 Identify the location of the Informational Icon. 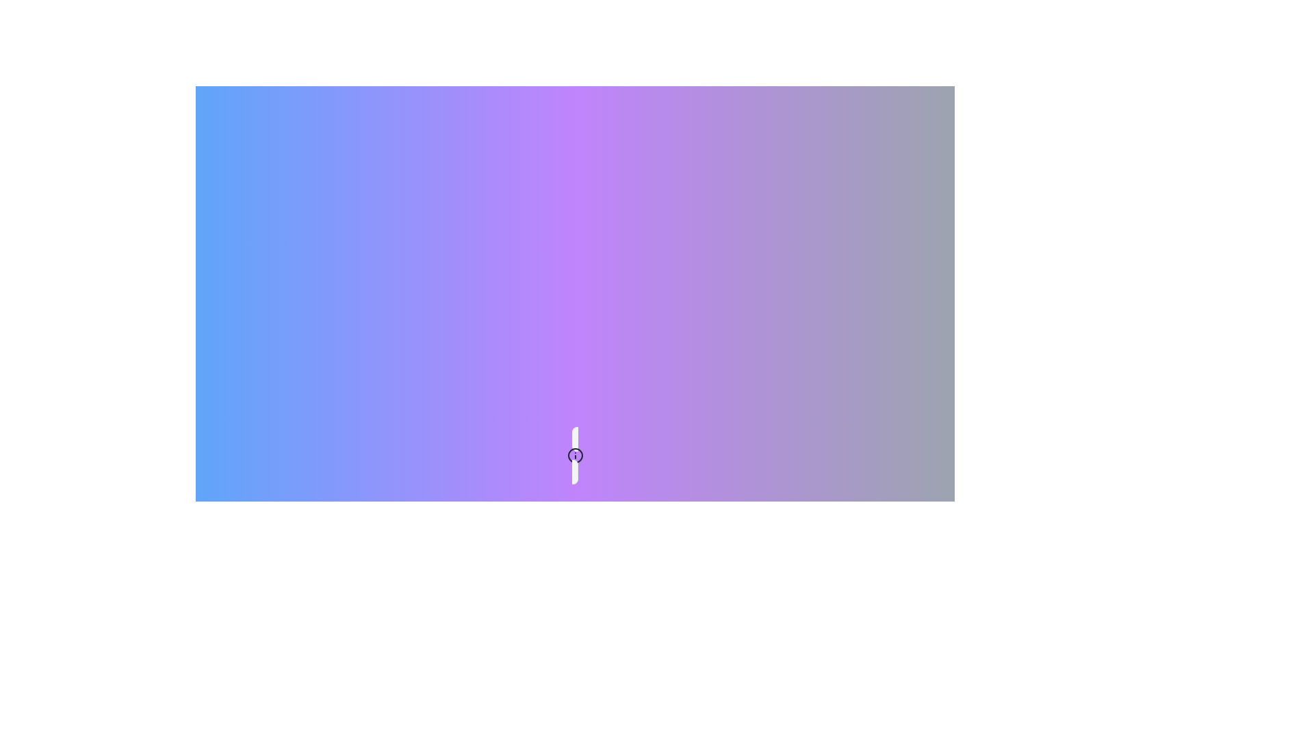
(575, 456).